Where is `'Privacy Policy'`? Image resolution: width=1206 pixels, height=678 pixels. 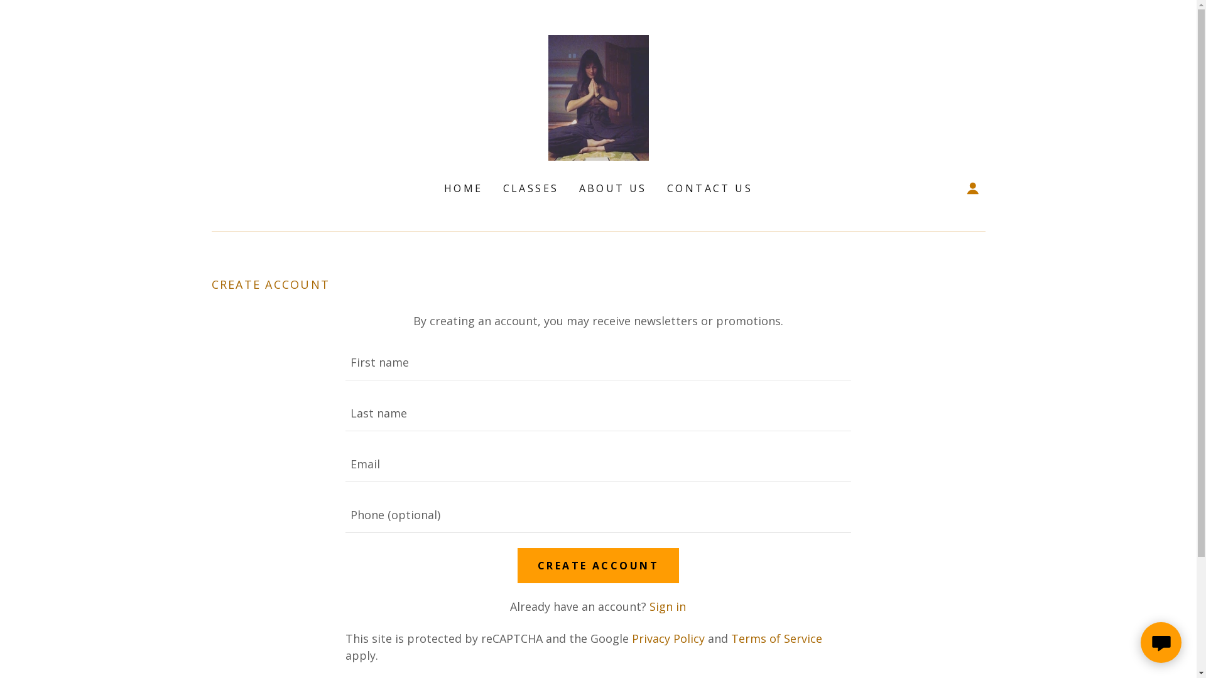
'Privacy Policy' is located at coordinates (632, 638).